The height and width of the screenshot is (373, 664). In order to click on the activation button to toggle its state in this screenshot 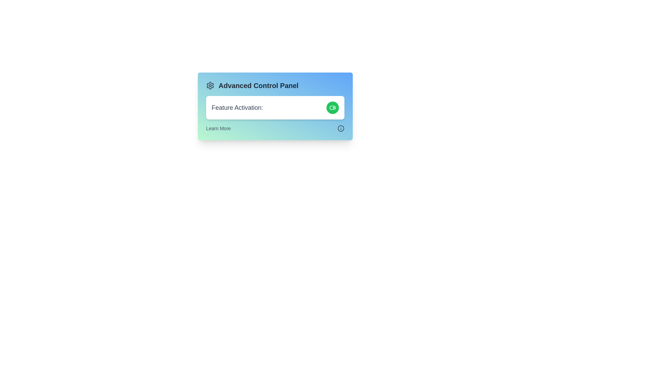, I will do `click(332, 108)`.